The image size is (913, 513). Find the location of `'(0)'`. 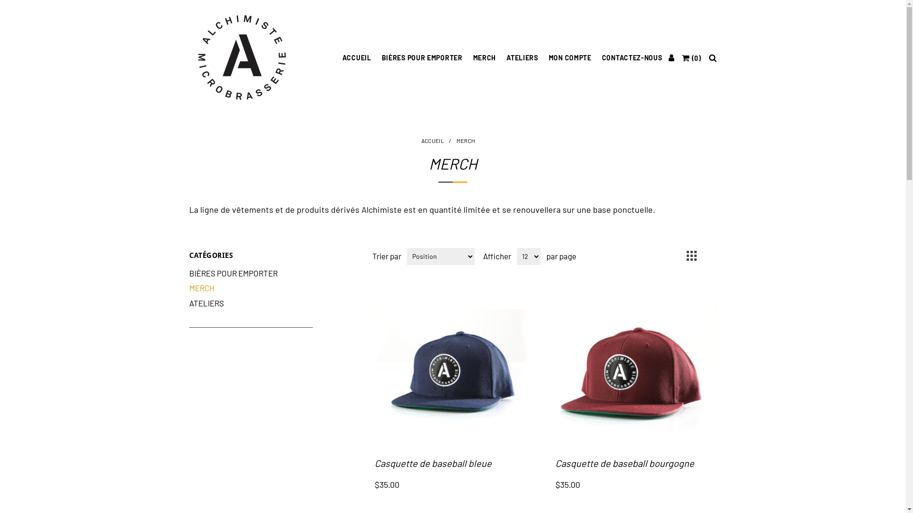

'(0)' is located at coordinates (691, 58).